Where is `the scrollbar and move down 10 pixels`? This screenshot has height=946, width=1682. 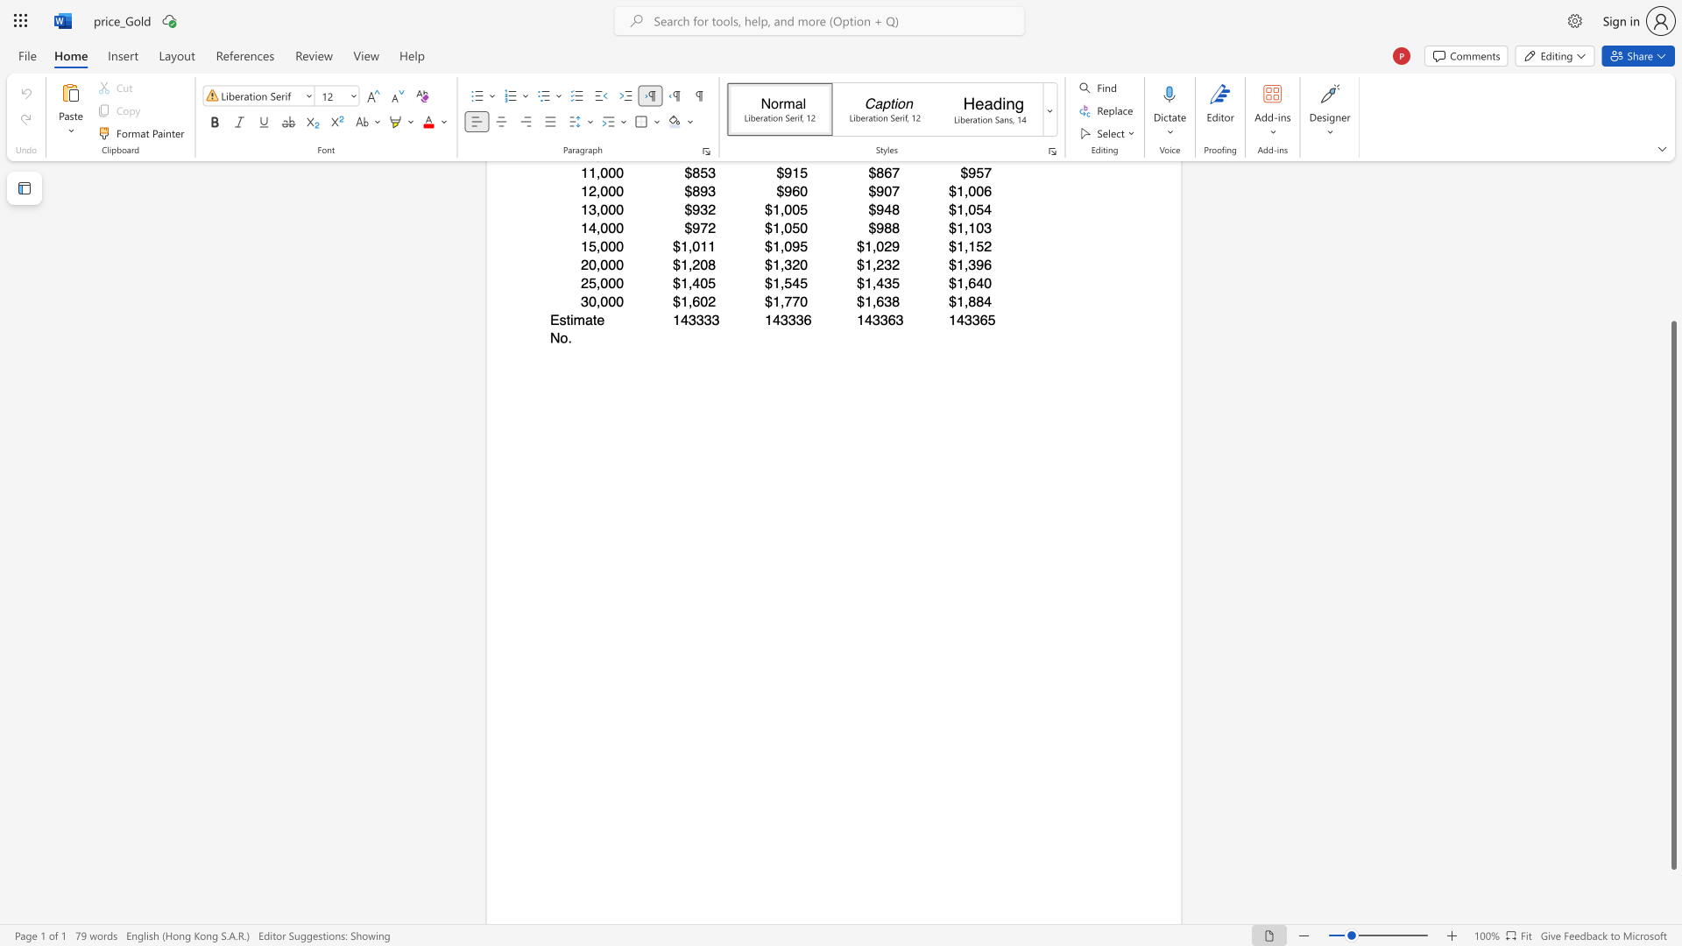 the scrollbar and move down 10 pixels is located at coordinates (1672, 594).